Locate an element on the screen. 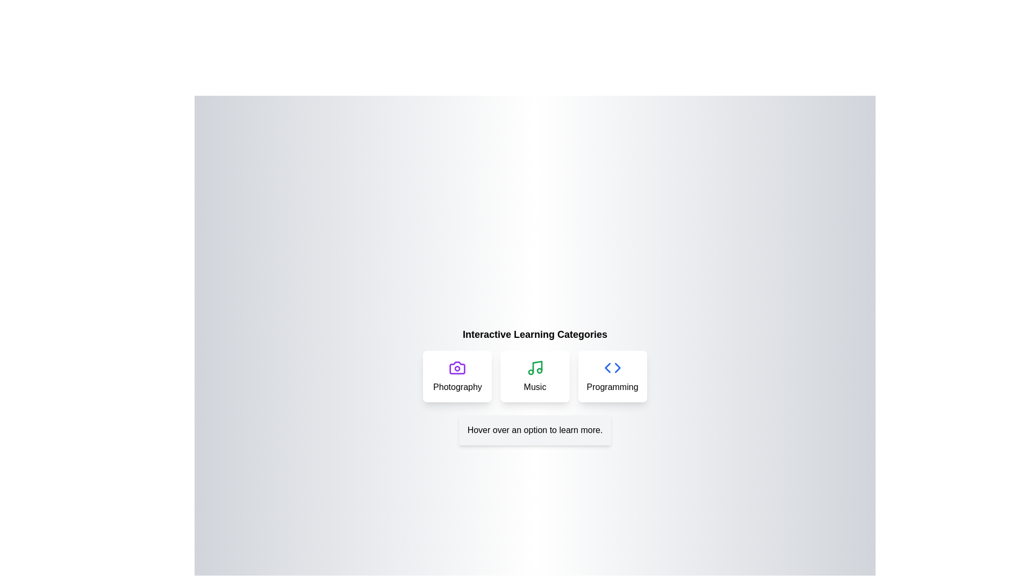 This screenshot has height=581, width=1032. text label 'Photography' located in the first card of three horizontally arranged cards, directly below a purple camera icon is located at coordinates (457, 387).